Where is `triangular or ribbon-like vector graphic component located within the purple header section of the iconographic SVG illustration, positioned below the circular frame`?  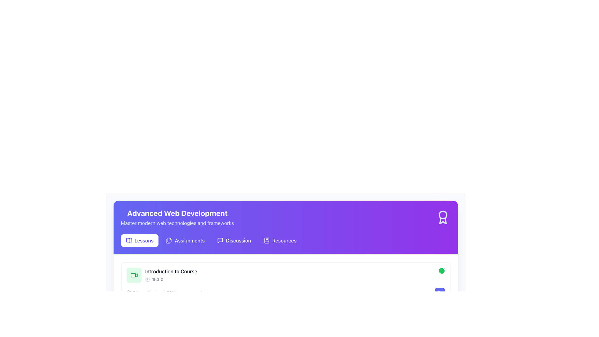
triangular or ribbon-like vector graphic component located within the purple header section of the iconographic SVG illustration, positioned below the circular frame is located at coordinates (442, 220).